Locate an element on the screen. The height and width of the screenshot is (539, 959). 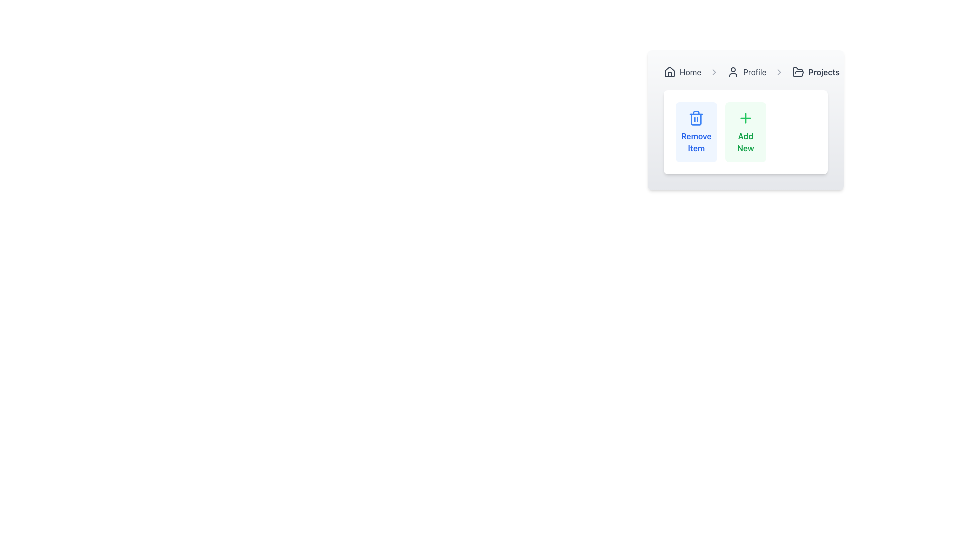
the 'Remove Item' button located below the trash bin icon in the top right module is located at coordinates (695, 142).